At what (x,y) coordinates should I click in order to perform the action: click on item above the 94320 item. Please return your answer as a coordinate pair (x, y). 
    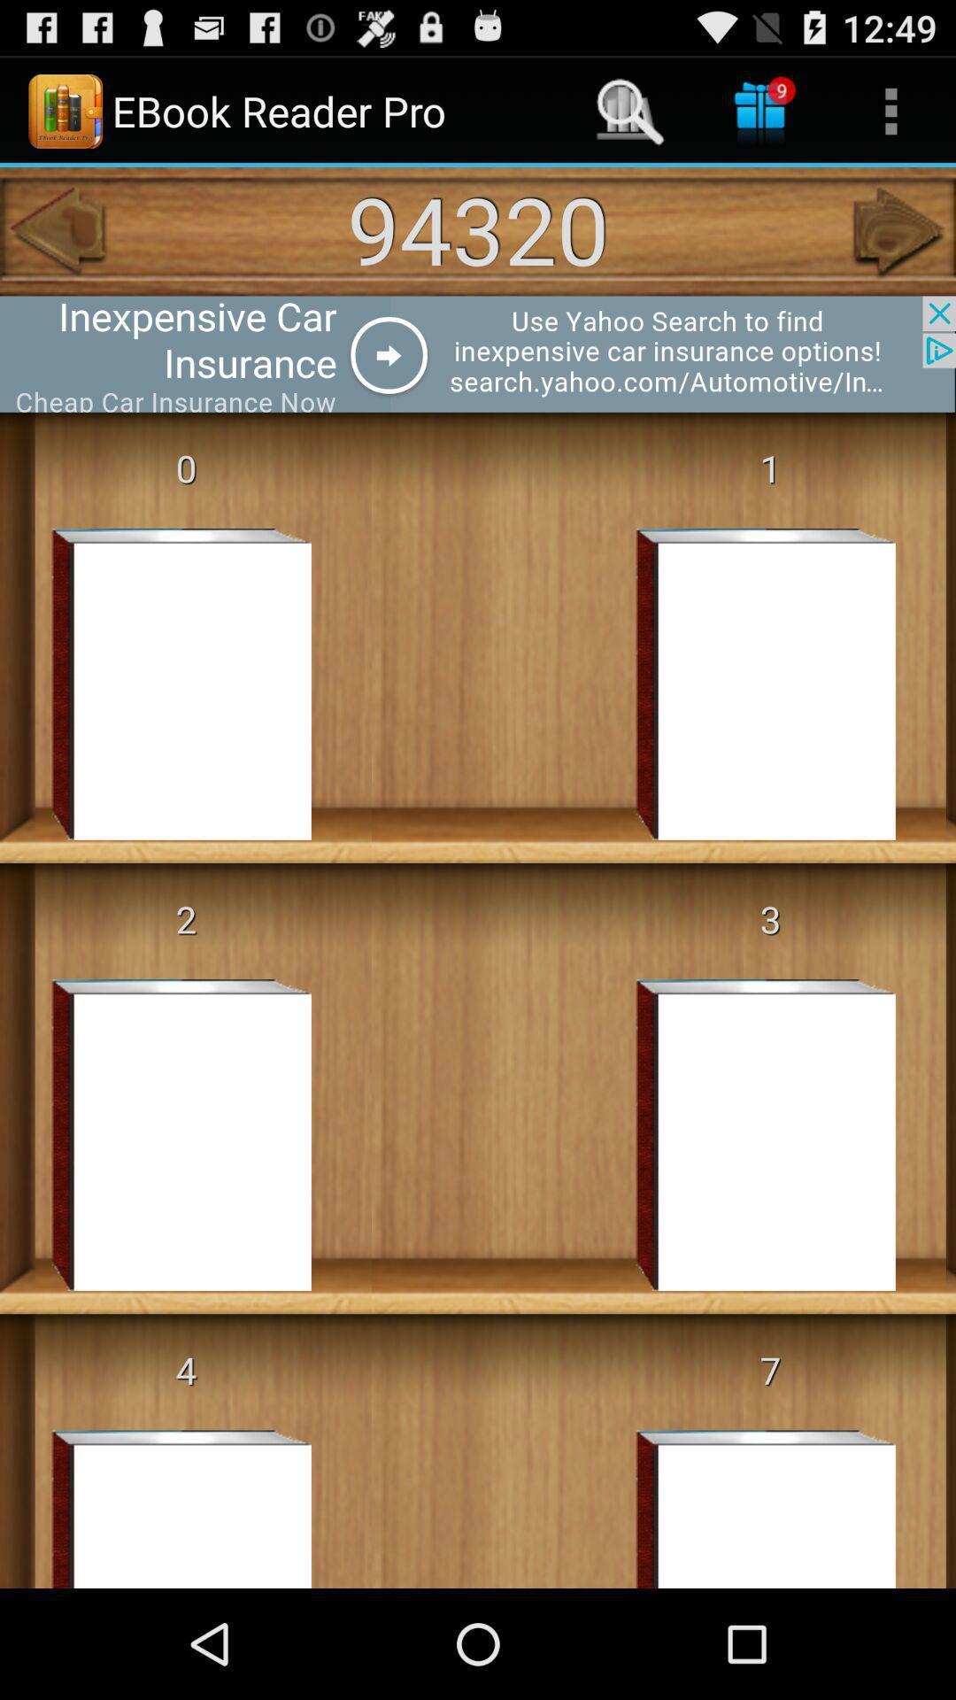
    Looking at the image, I should click on (759, 110).